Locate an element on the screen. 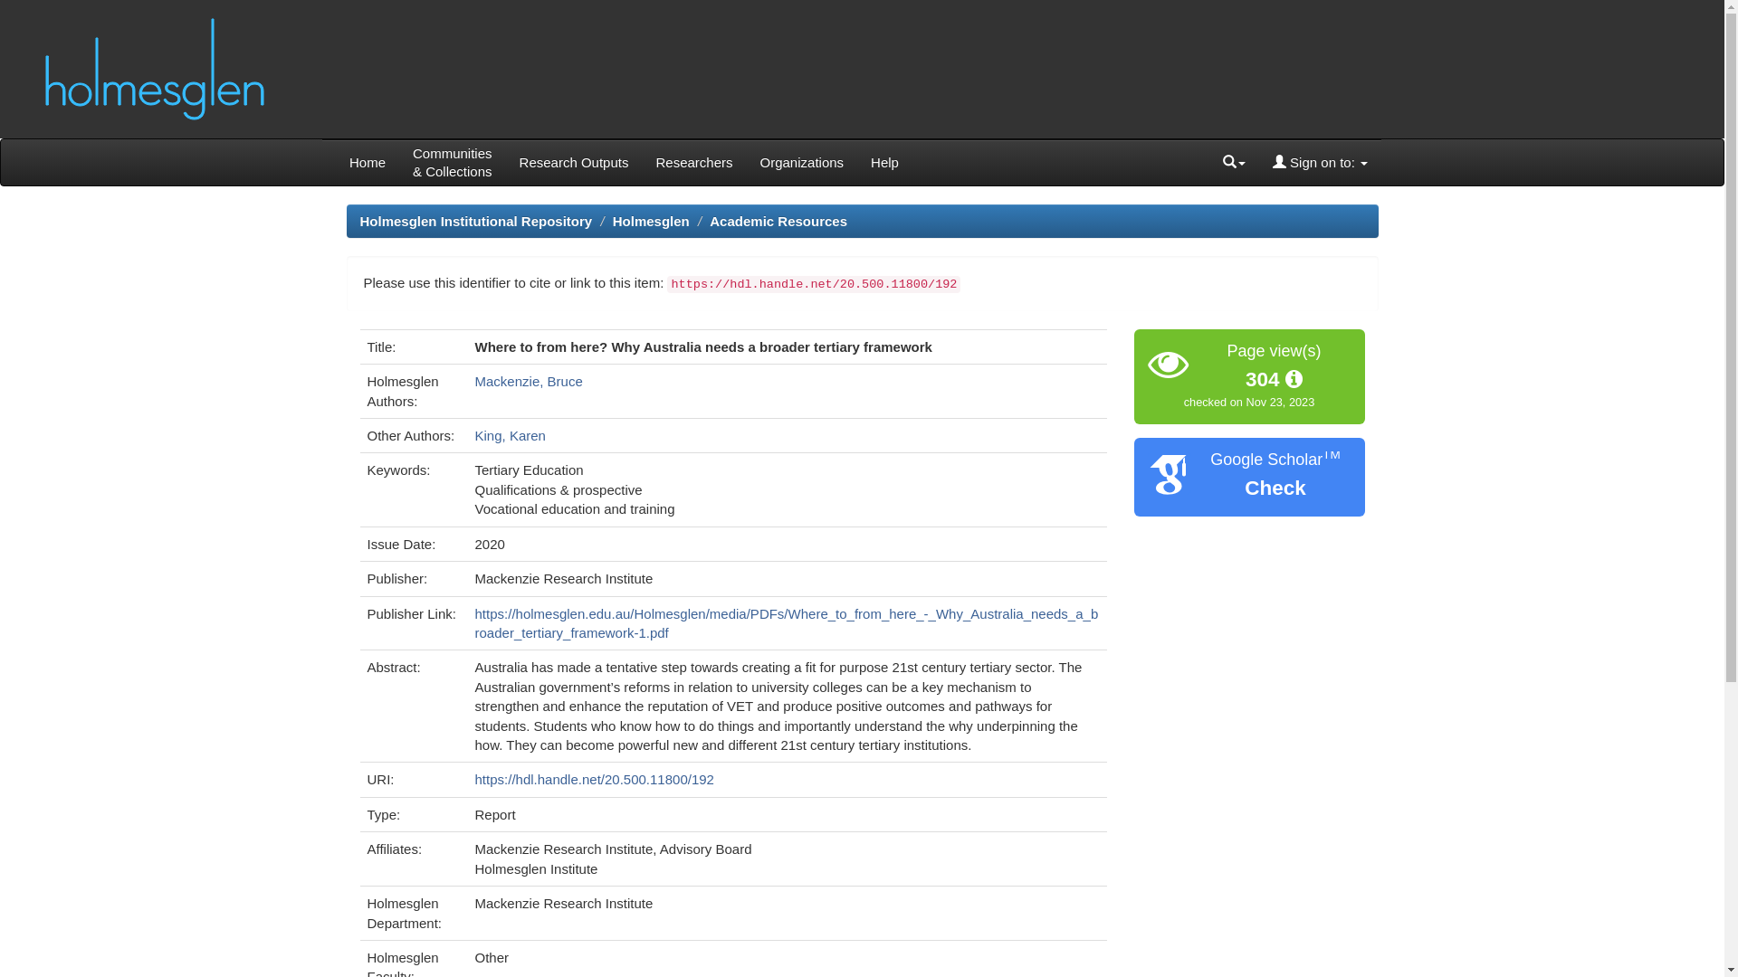 This screenshot has width=1738, height=977. 'Research Outputs' is located at coordinates (573, 163).